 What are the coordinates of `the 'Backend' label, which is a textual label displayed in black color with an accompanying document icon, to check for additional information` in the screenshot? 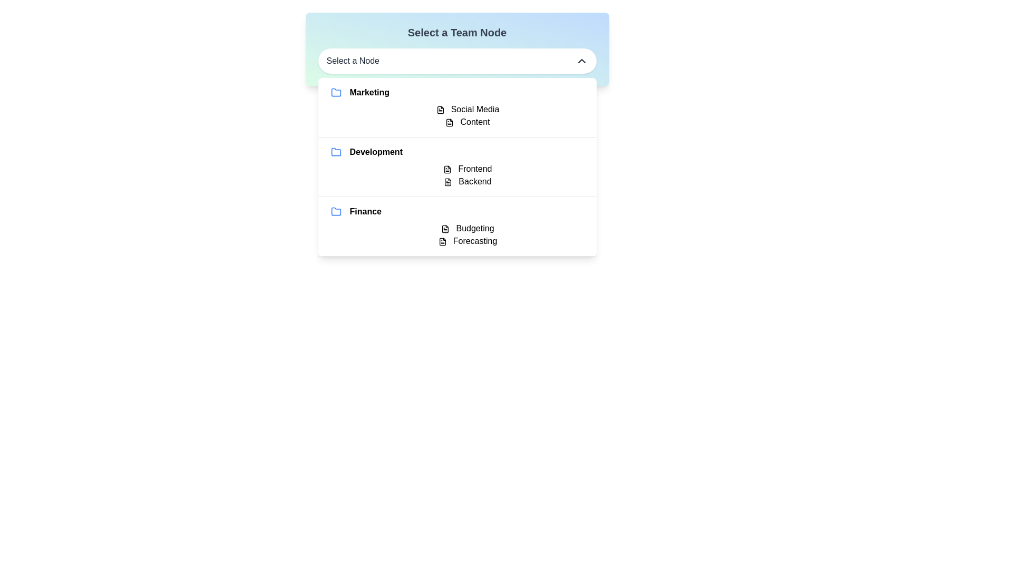 It's located at (467, 181).